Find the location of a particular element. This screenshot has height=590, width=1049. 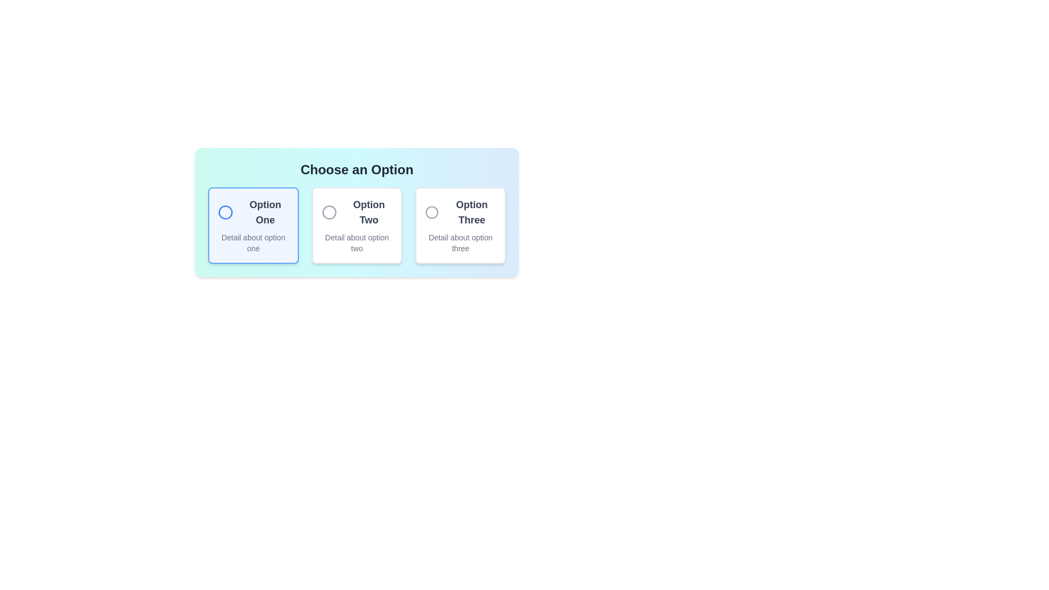

the text block providing additional information about 'Option Two' is located at coordinates (357, 242).